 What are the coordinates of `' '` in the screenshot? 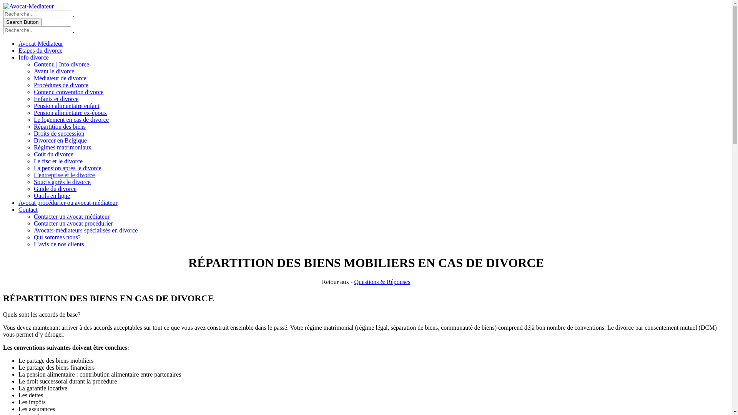 It's located at (73, 13).